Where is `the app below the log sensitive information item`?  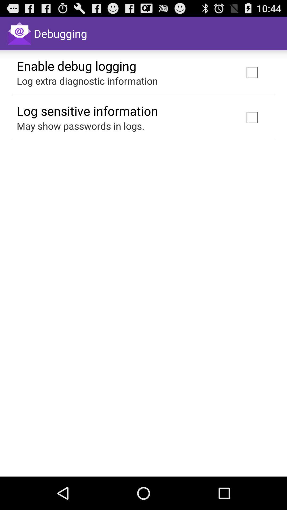 the app below the log sensitive information item is located at coordinates (81, 126).